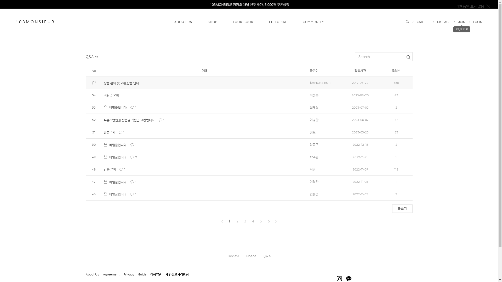 Image resolution: width=502 pixels, height=282 pixels. What do you see at coordinates (423, 21) in the screenshot?
I see `'CART'` at bounding box center [423, 21].